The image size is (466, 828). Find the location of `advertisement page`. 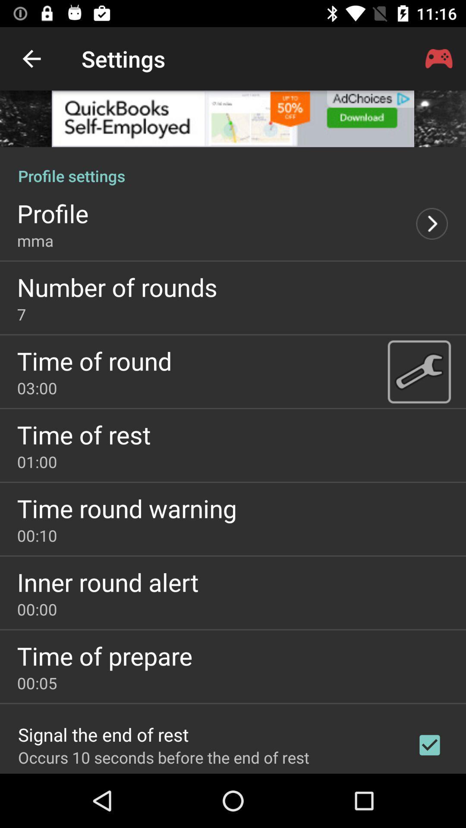

advertisement page is located at coordinates (233, 118).